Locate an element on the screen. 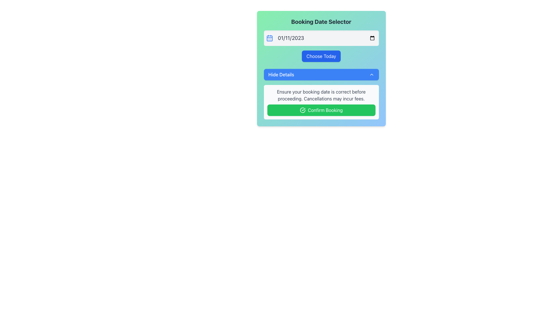 The image size is (552, 310). the circular green check mark icon located to the left of the 'Confirm Booking' button is located at coordinates (302, 110).